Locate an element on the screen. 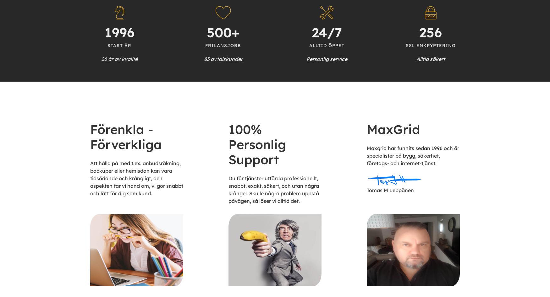 This screenshot has width=550, height=297. 'MaxGrid' is located at coordinates (393, 129).